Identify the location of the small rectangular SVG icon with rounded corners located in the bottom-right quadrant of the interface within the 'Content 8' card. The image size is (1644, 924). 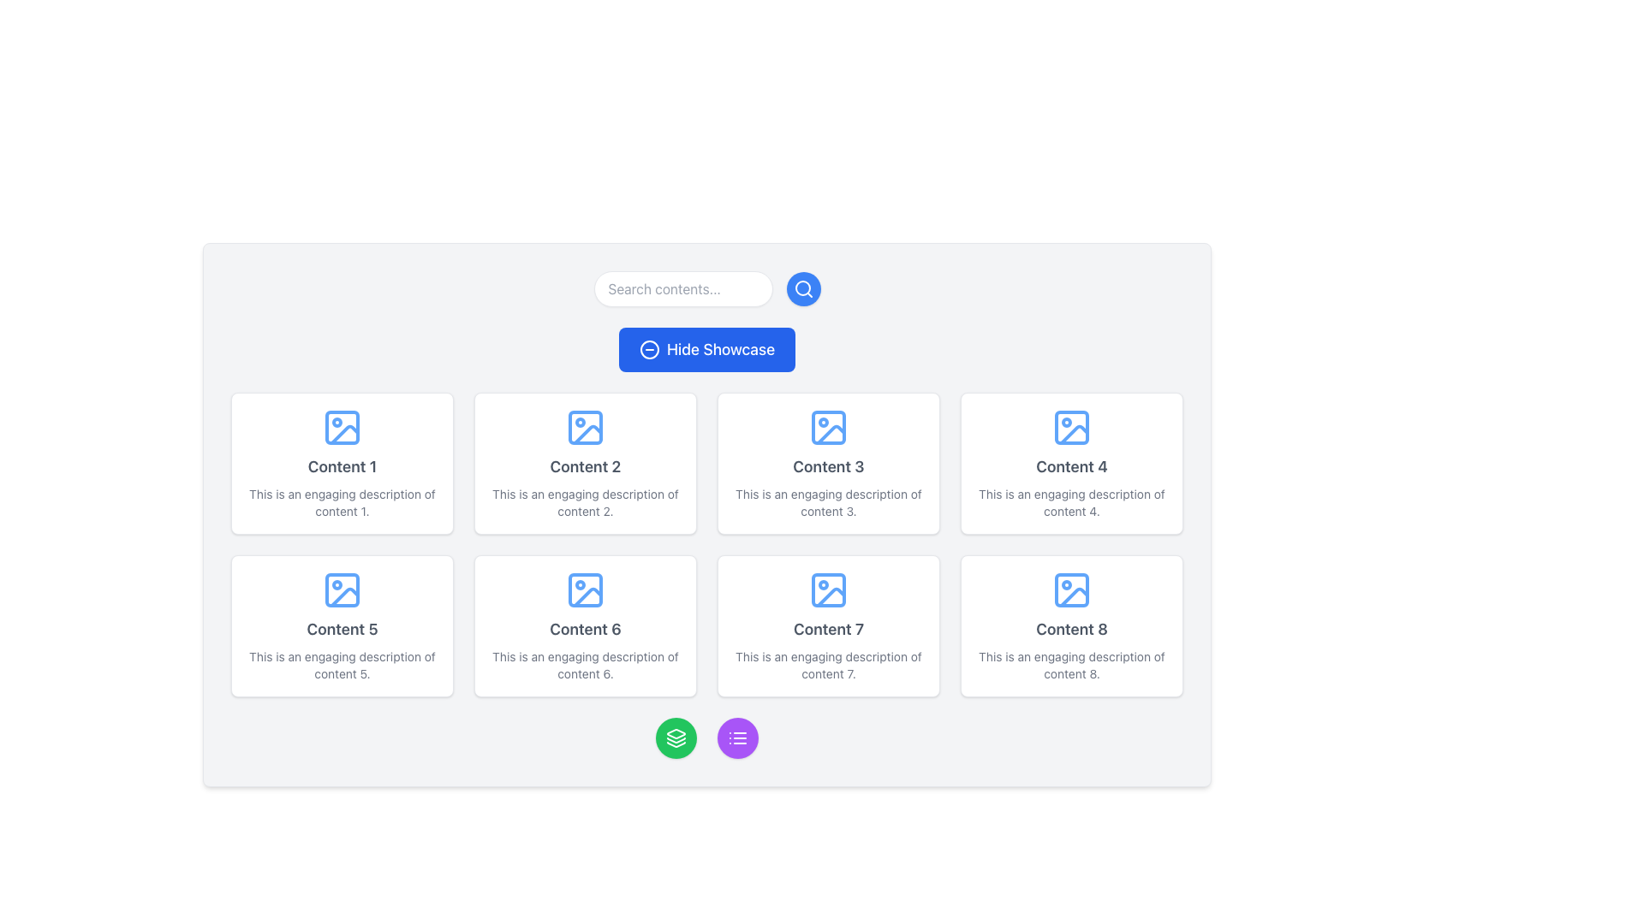
(1071, 589).